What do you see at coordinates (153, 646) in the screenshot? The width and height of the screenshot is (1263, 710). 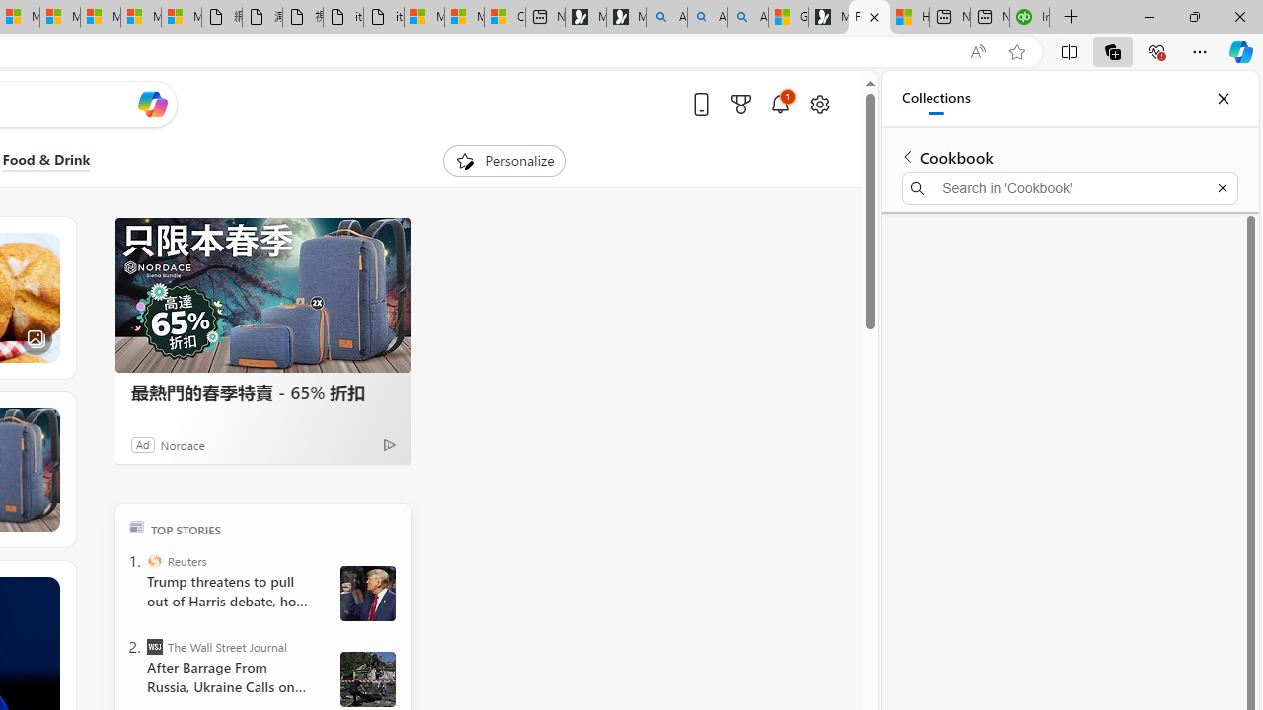 I see `'The Wall Street Journal'` at bounding box center [153, 646].